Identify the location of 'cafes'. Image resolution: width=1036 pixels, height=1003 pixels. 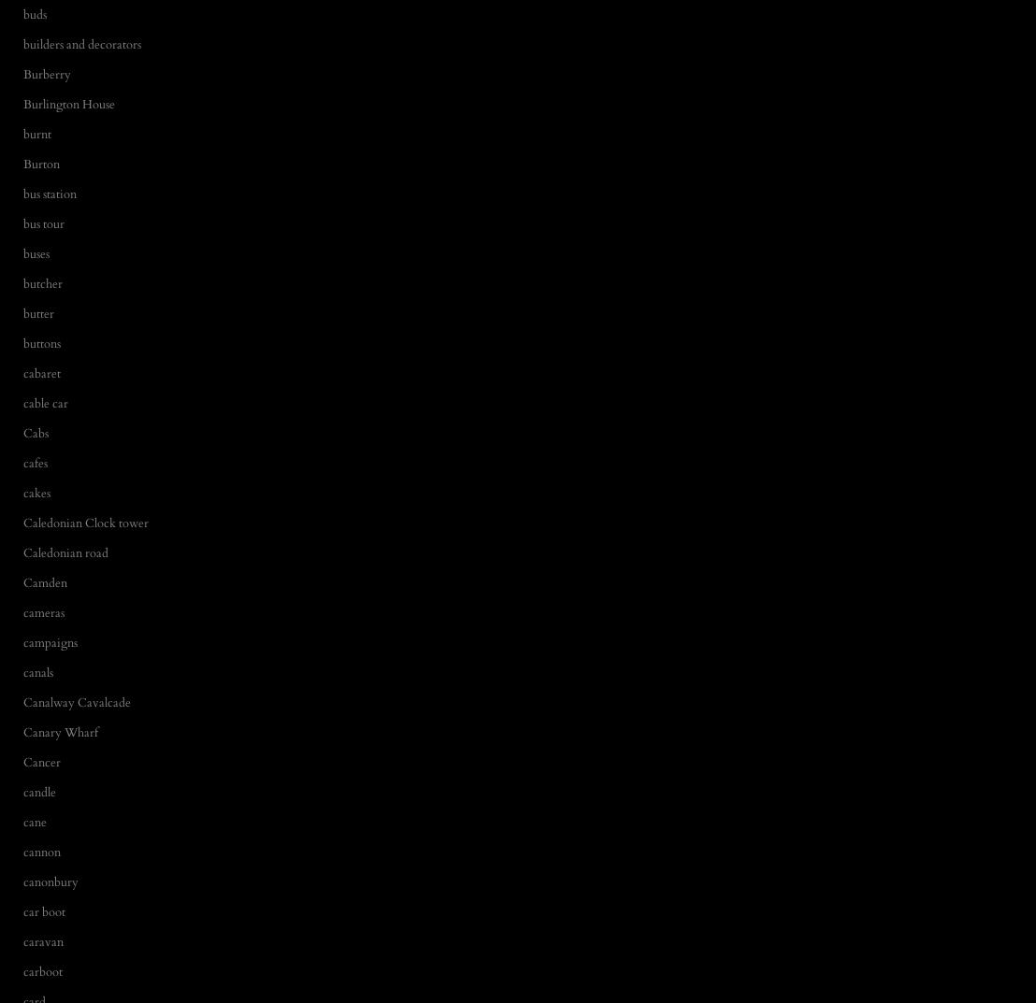
(36, 461).